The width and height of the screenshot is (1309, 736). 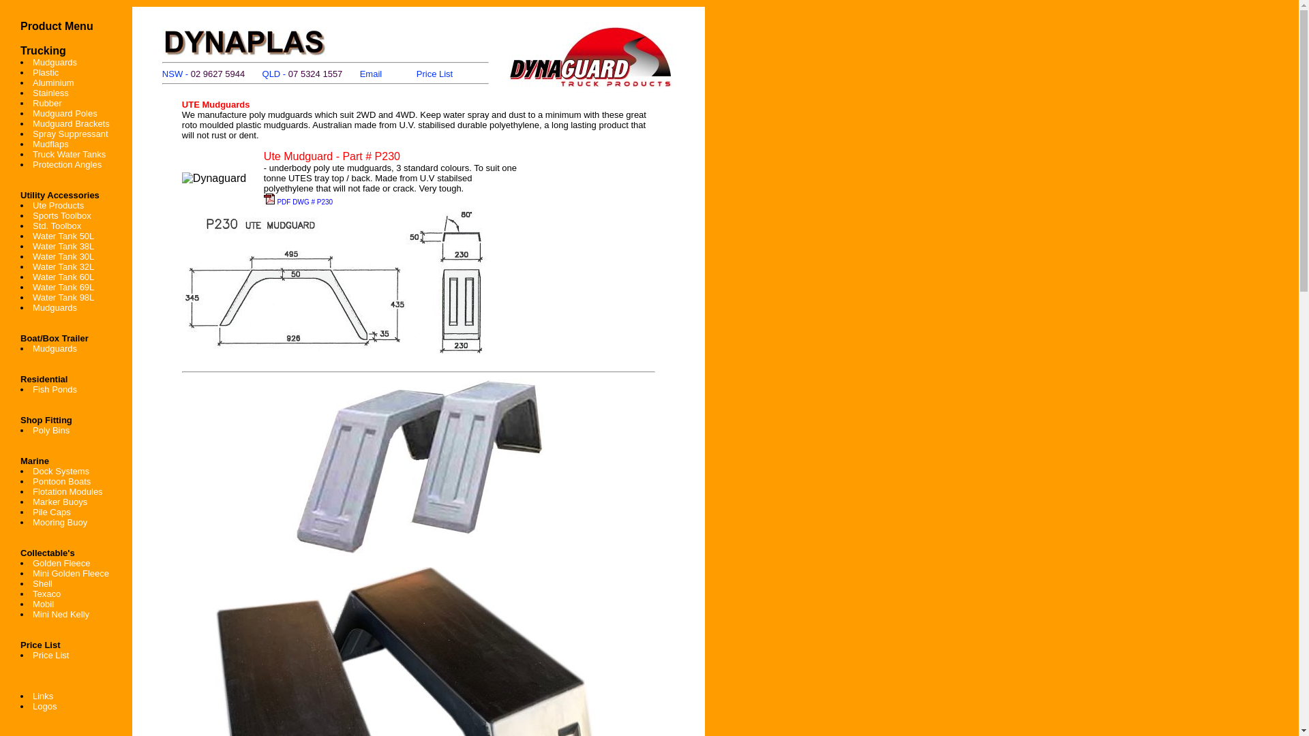 I want to click on 'Truck Products', so click(x=593, y=87).